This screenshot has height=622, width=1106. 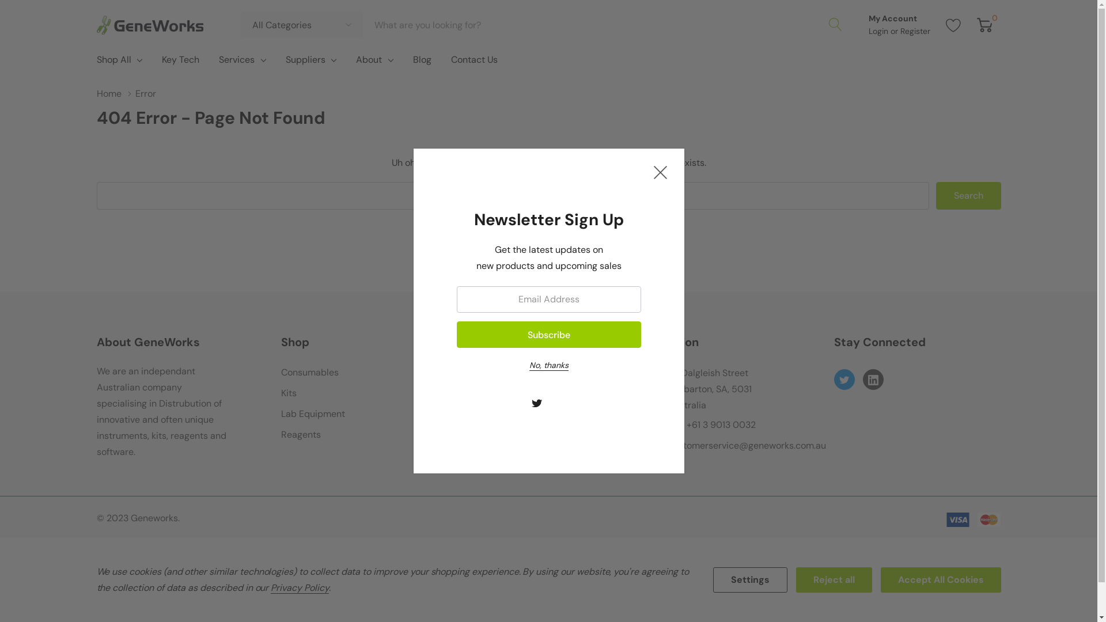 I want to click on 'Geneworks', so click(x=149, y=24).